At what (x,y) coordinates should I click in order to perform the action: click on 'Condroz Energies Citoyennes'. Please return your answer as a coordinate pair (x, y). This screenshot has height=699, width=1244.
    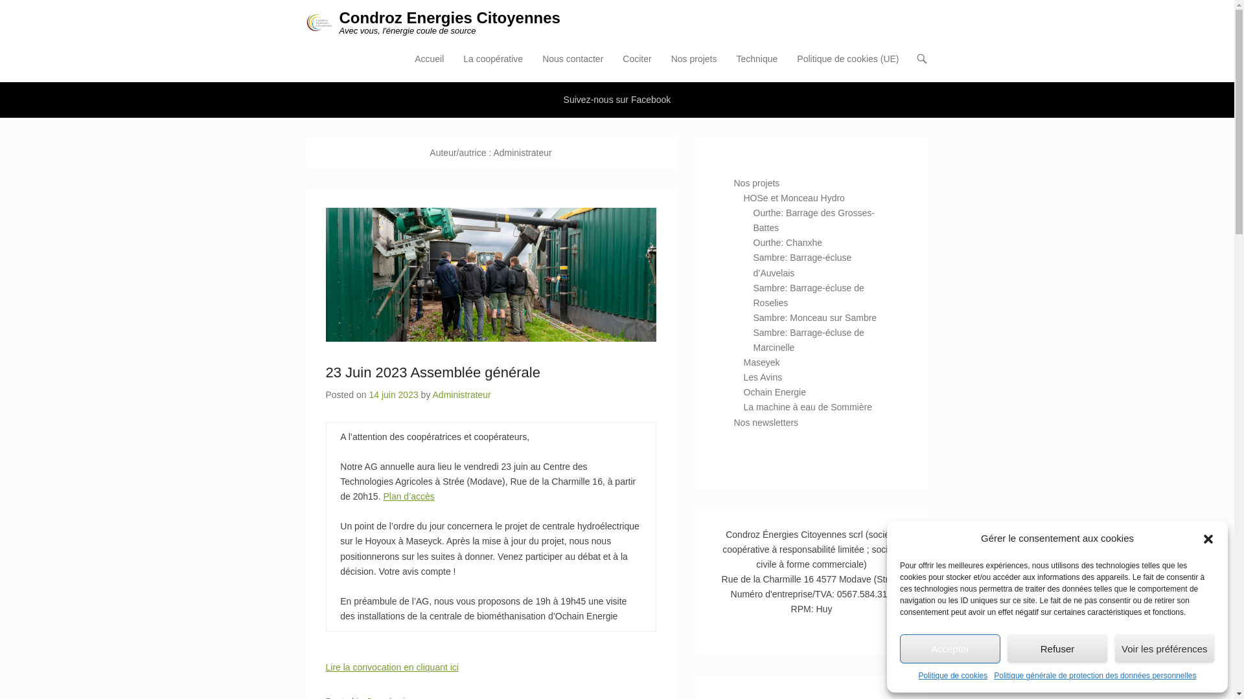
    Looking at the image, I should click on (450, 17).